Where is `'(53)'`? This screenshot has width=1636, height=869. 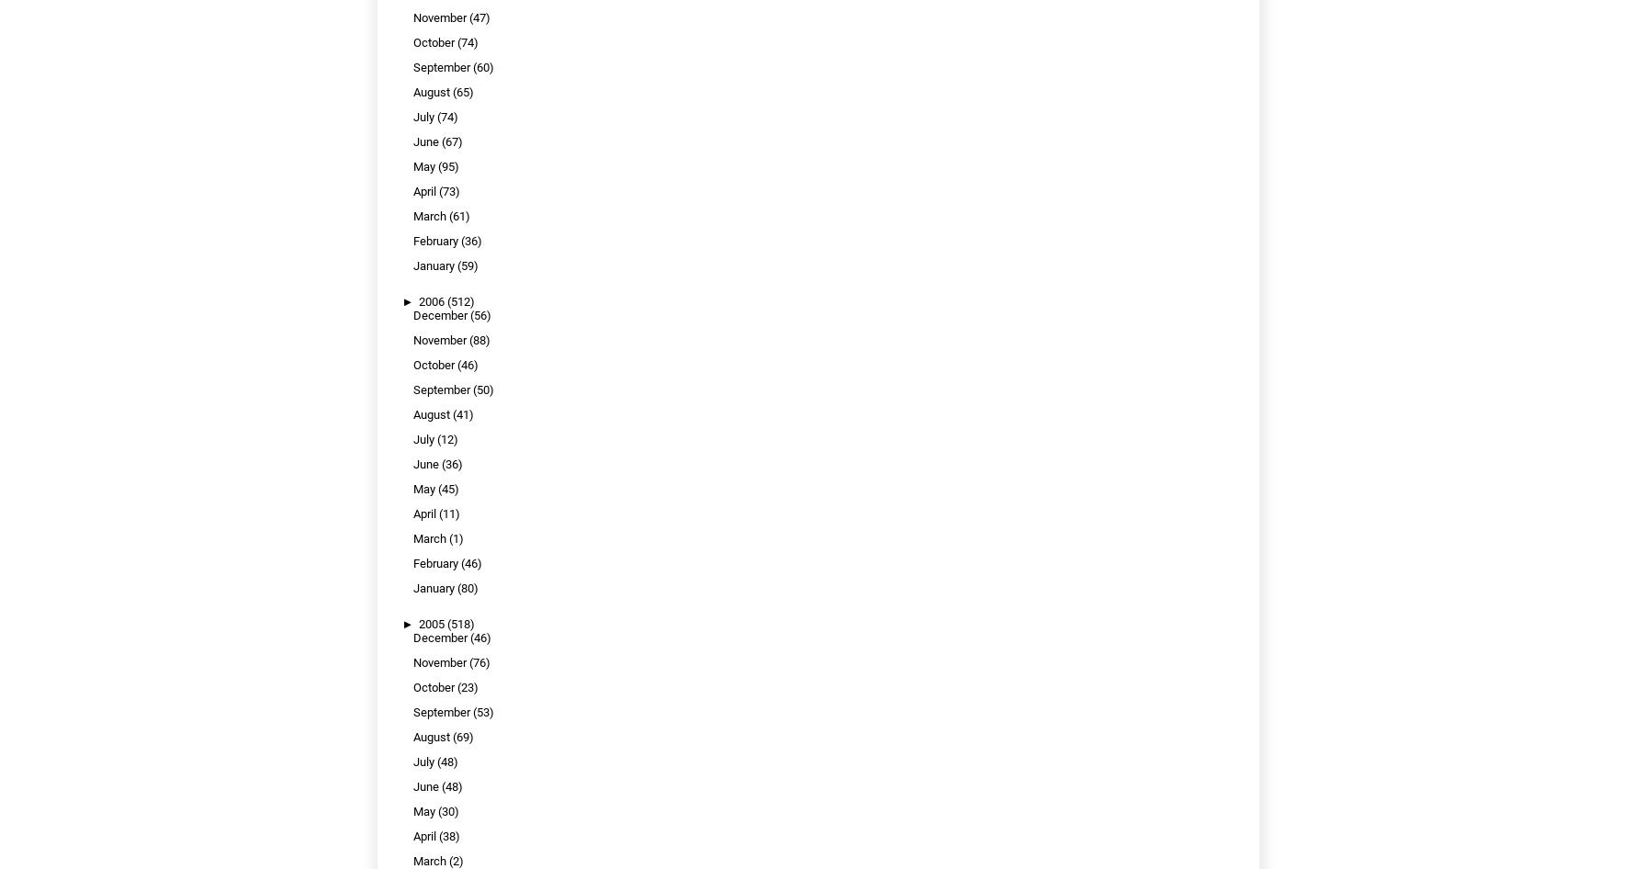 '(53)' is located at coordinates (471, 711).